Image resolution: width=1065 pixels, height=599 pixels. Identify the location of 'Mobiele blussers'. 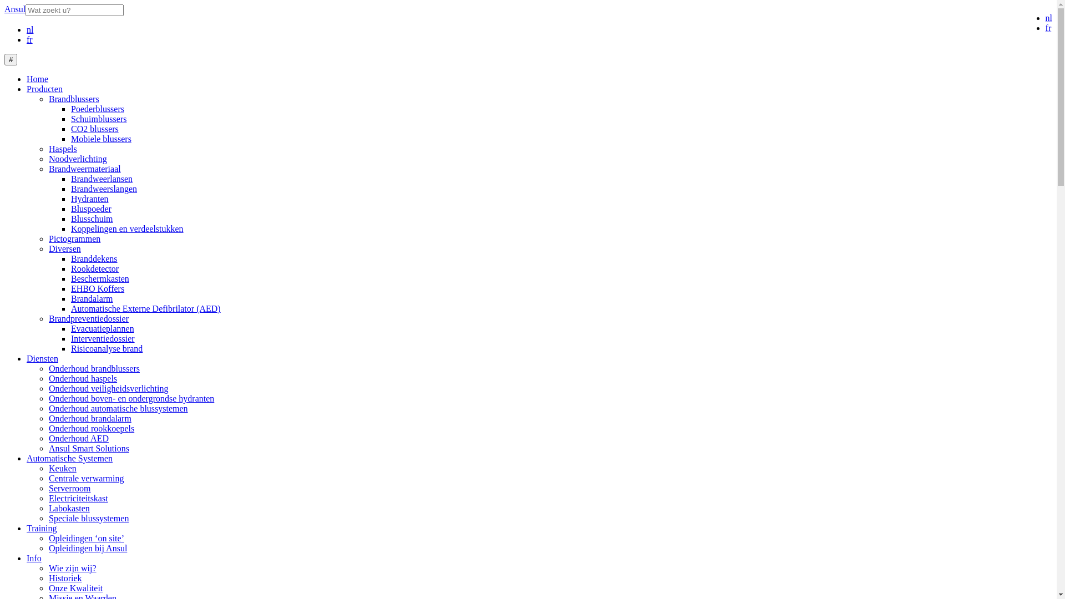
(101, 138).